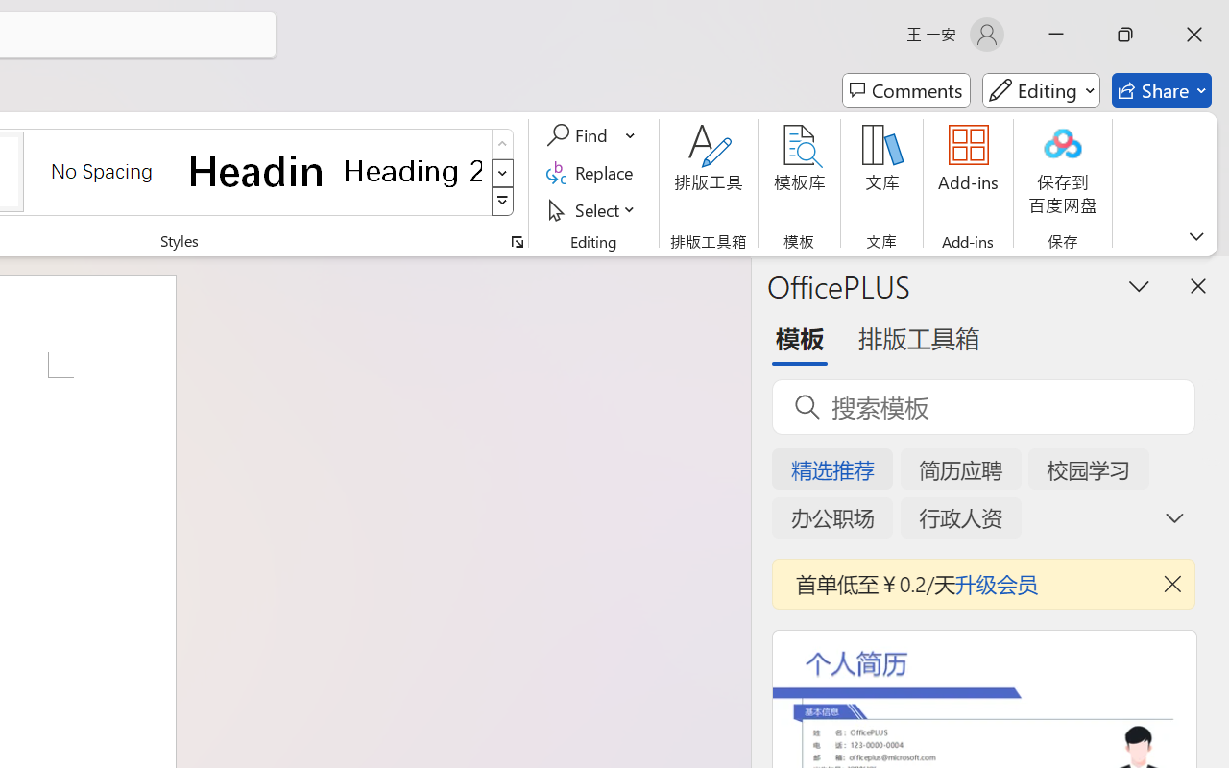 The width and height of the screenshot is (1229, 768). What do you see at coordinates (517, 241) in the screenshot?
I see `'Styles...'` at bounding box center [517, 241].